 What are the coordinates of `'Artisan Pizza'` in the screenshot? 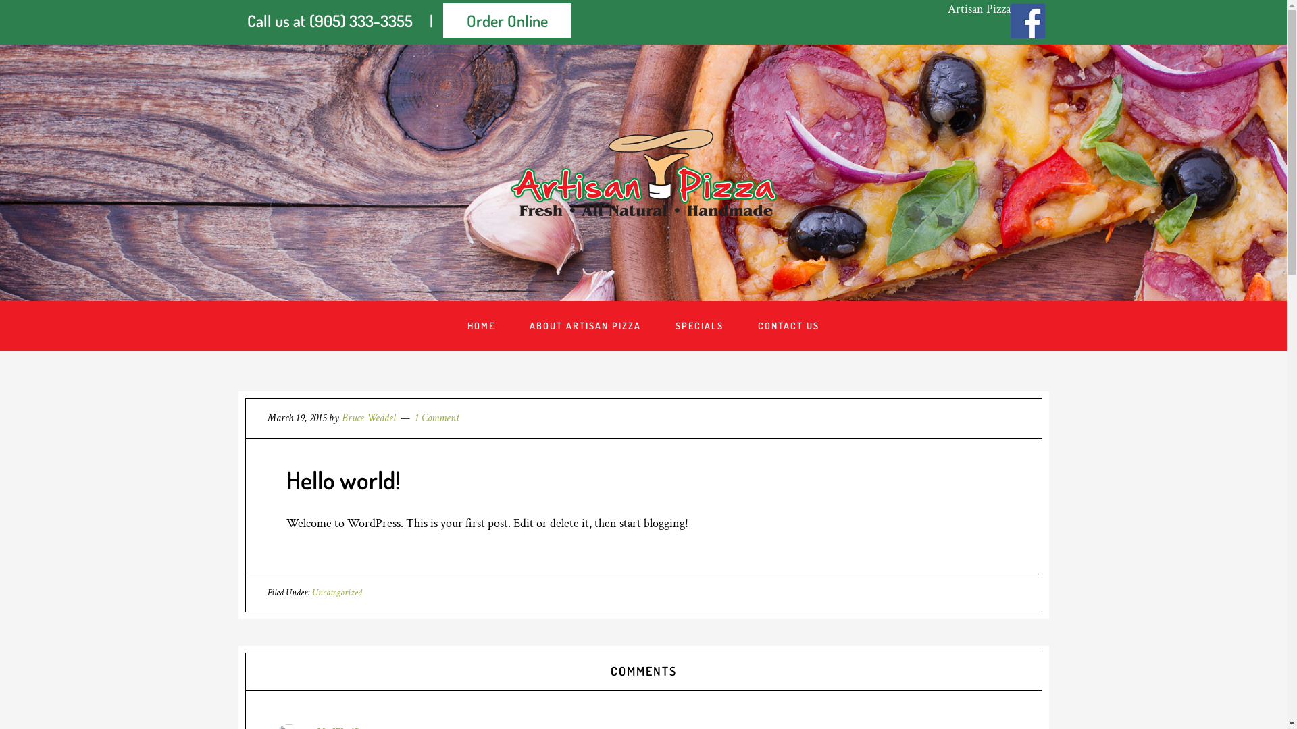 It's located at (978, 9).